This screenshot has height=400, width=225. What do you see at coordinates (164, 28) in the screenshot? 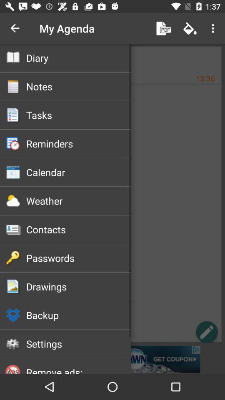
I see `the pdf file image option` at bounding box center [164, 28].